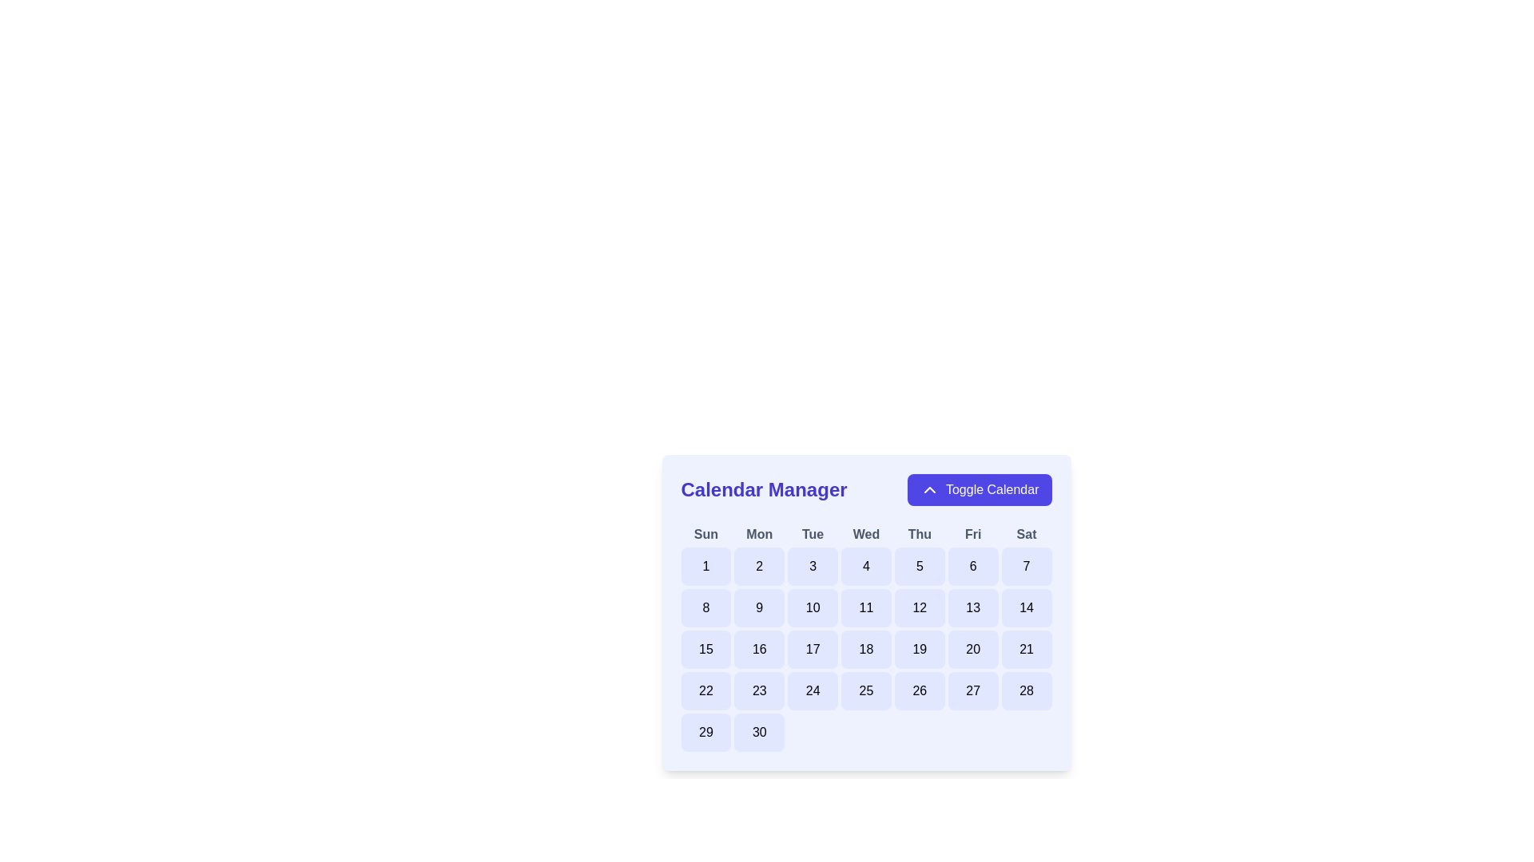 The width and height of the screenshot is (1534, 862). Describe the element at coordinates (1027, 535) in the screenshot. I see `the text label representing Saturday, which is the last element in the row of days in the calendar` at that location.